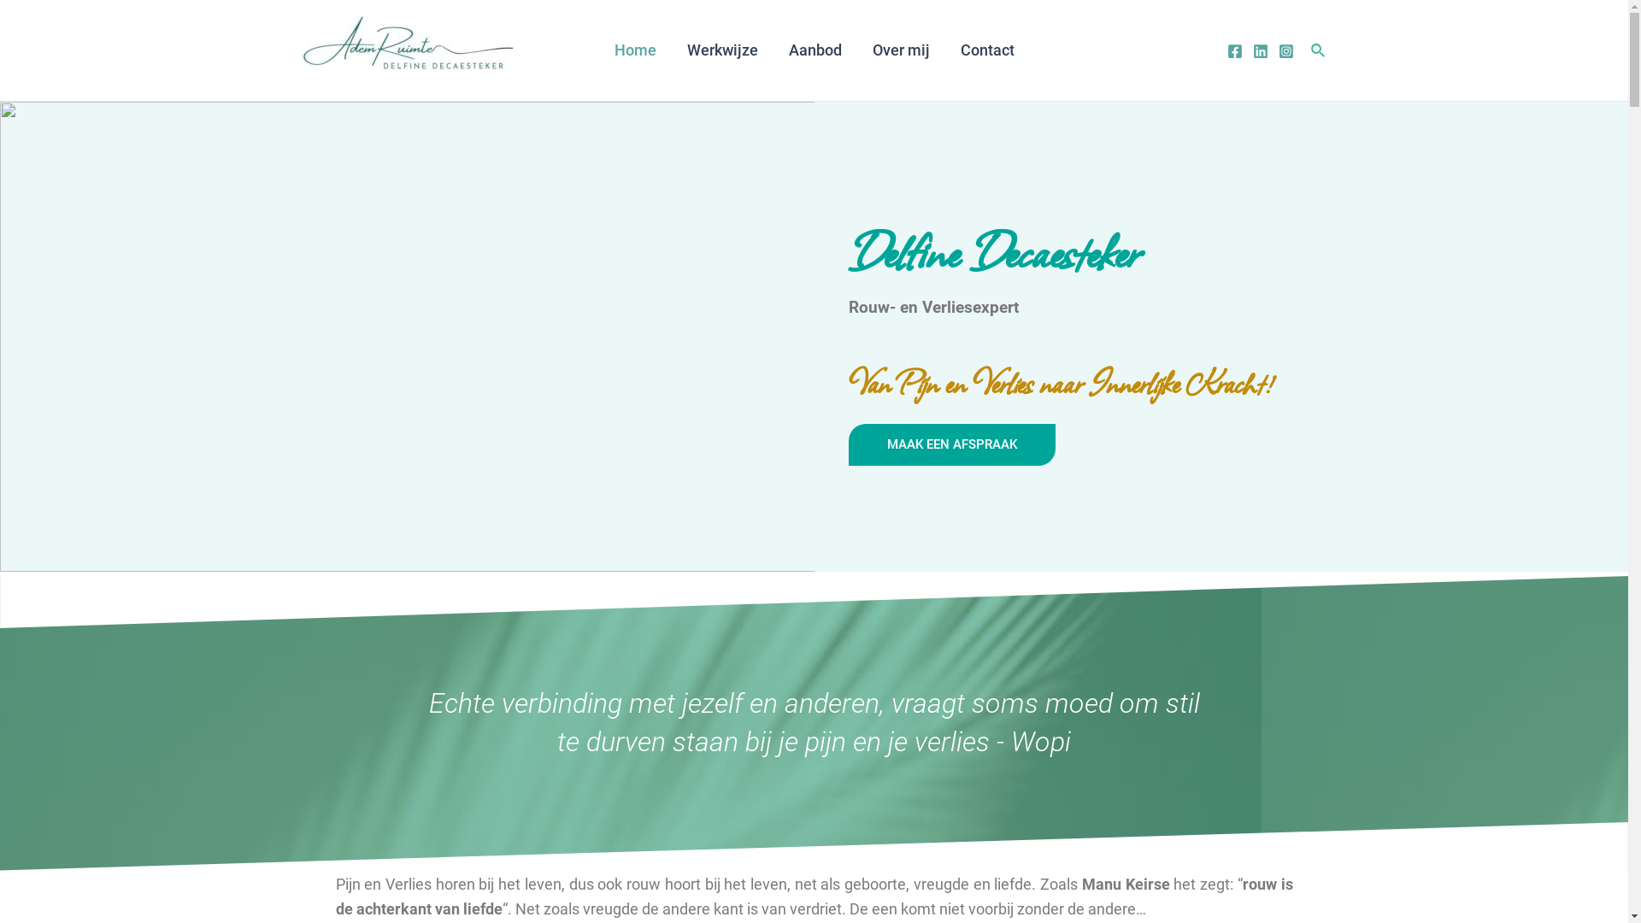 This screenshot has height=923, width=1641. Describe the element at coordinates (950, 444) in the screenshot. I see `'MAAK EEN AFSPRAAK'` at that location.